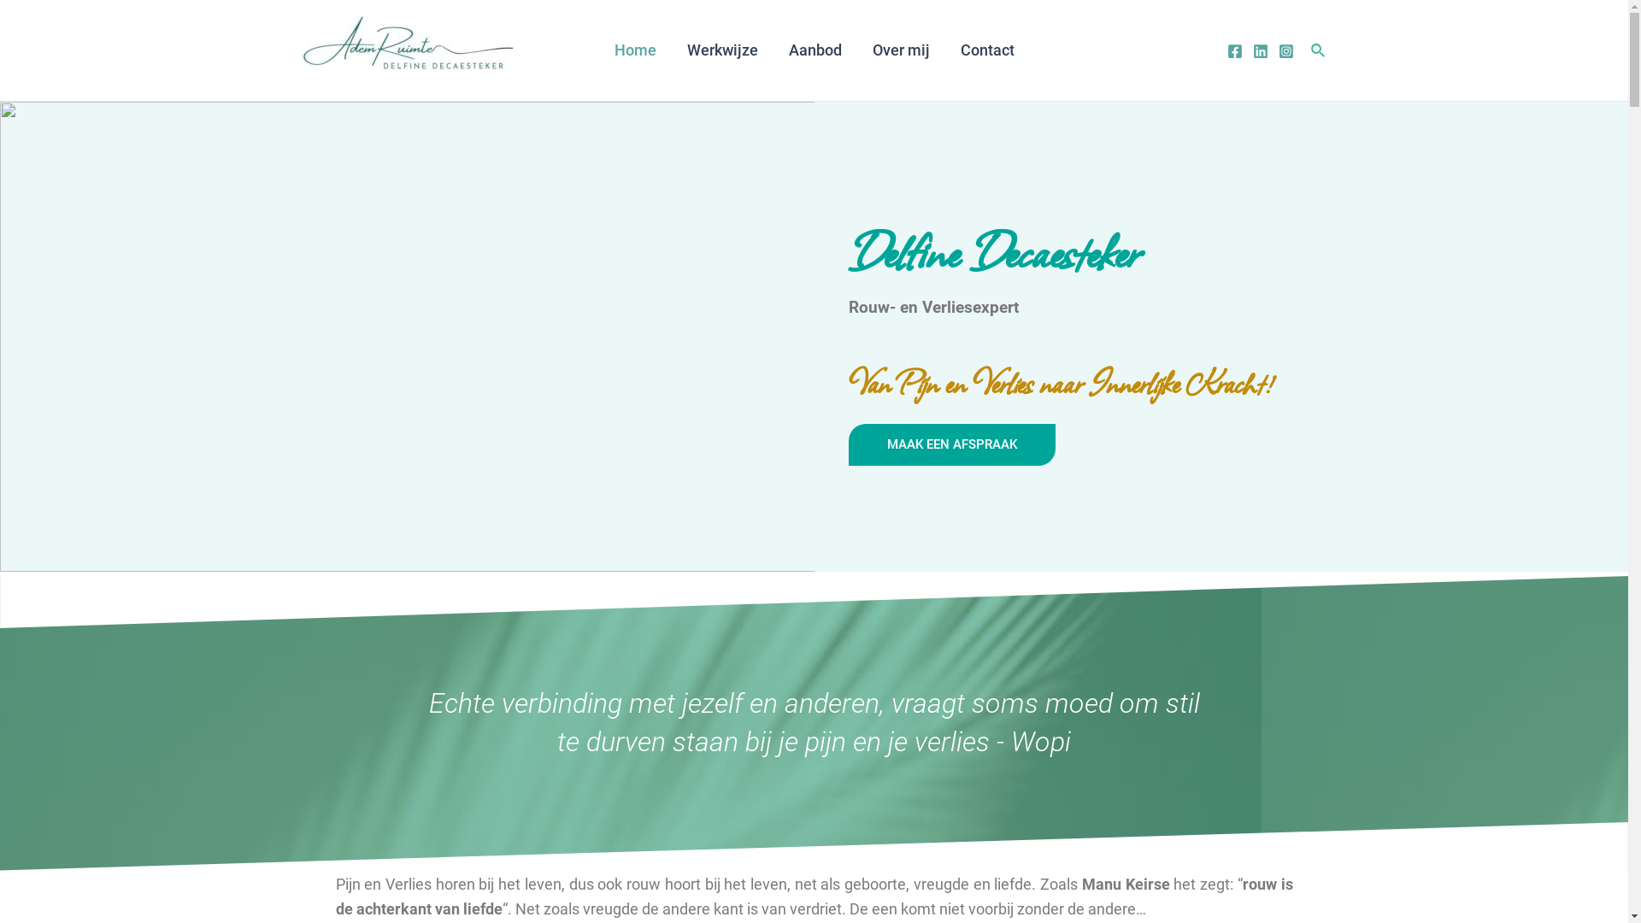 This screenshot has height=923, width=1641. Describe the element at coordinates (950, 444) in the screenshot. I see `'MAAK EEN AFSPRAAK'` at that location.